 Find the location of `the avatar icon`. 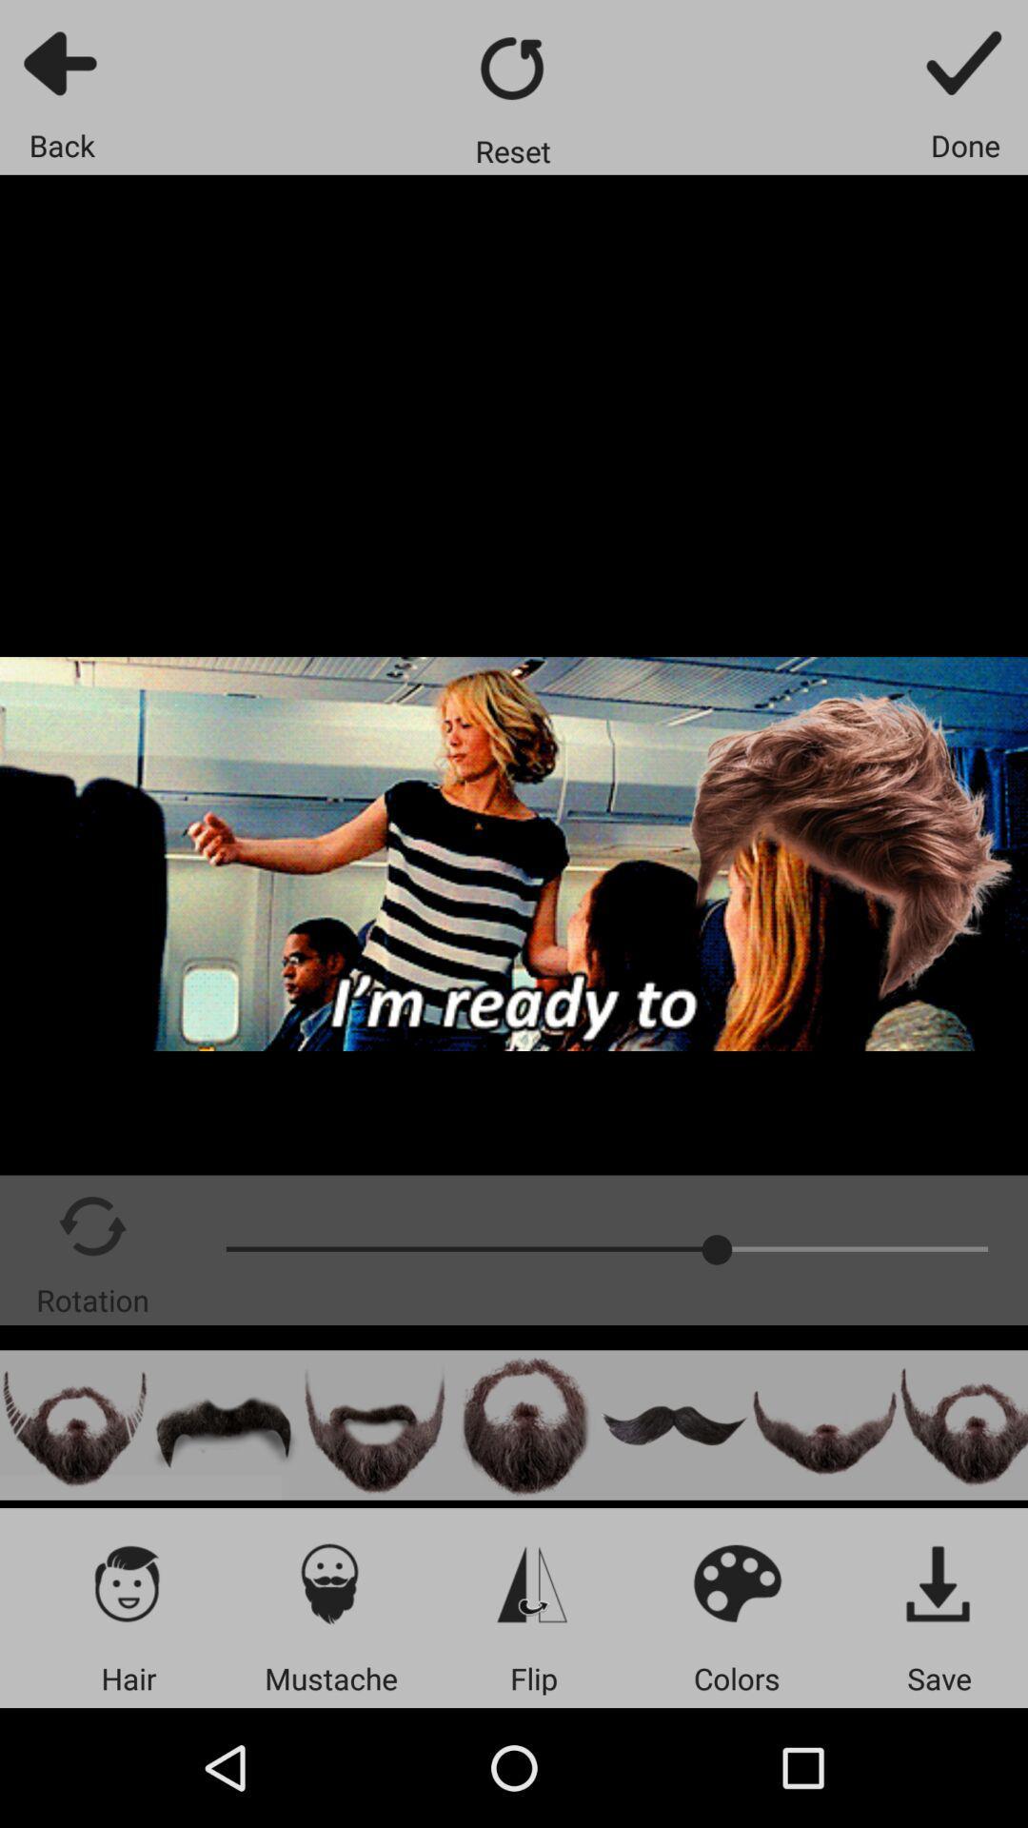

the avatar icon is located at coordinates (524, 1425).